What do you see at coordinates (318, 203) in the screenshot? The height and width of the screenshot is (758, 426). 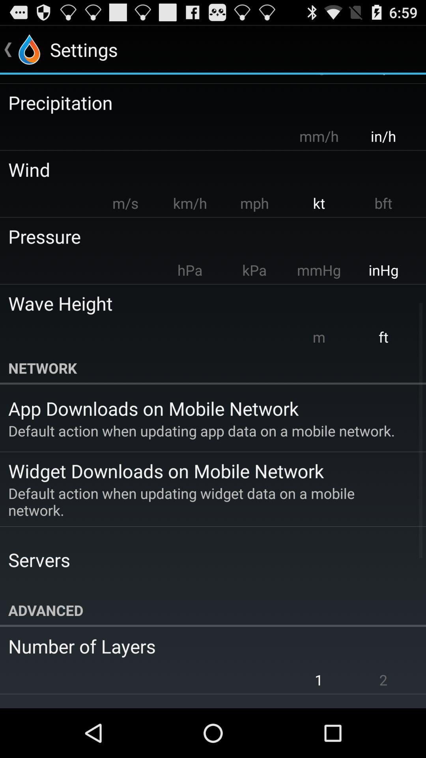 I see `the app to the right of the mph` at bounding box center [318, 203].